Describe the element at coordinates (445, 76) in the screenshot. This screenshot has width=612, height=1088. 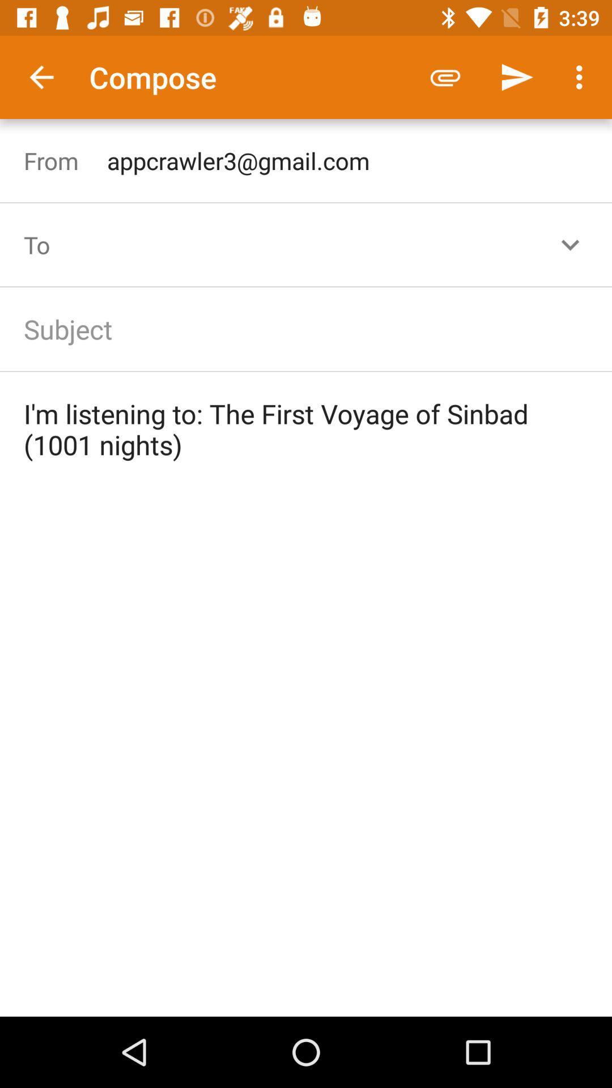
I see `item next to the compose icon` at that location.